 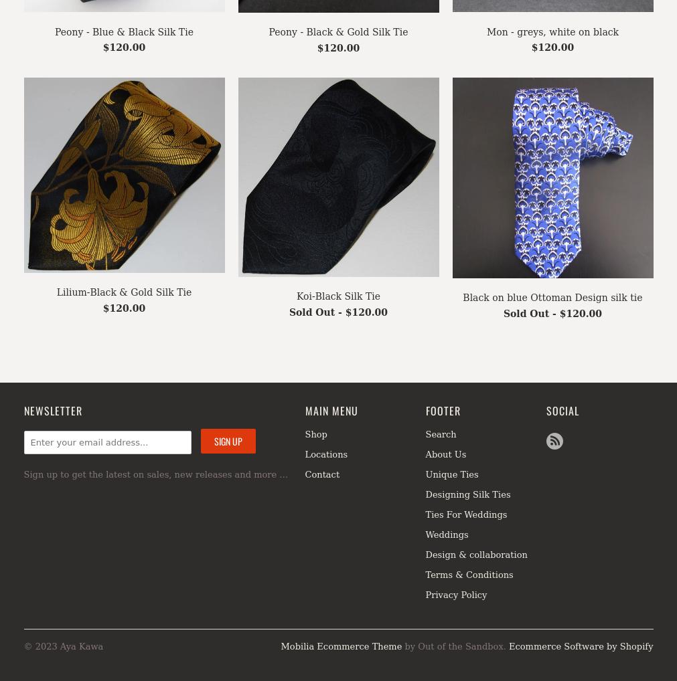 What do you see at coordinates (467, 493) in the screenshot?
I see `'Designing Silk Ties'` at bounding box center [467, 493].